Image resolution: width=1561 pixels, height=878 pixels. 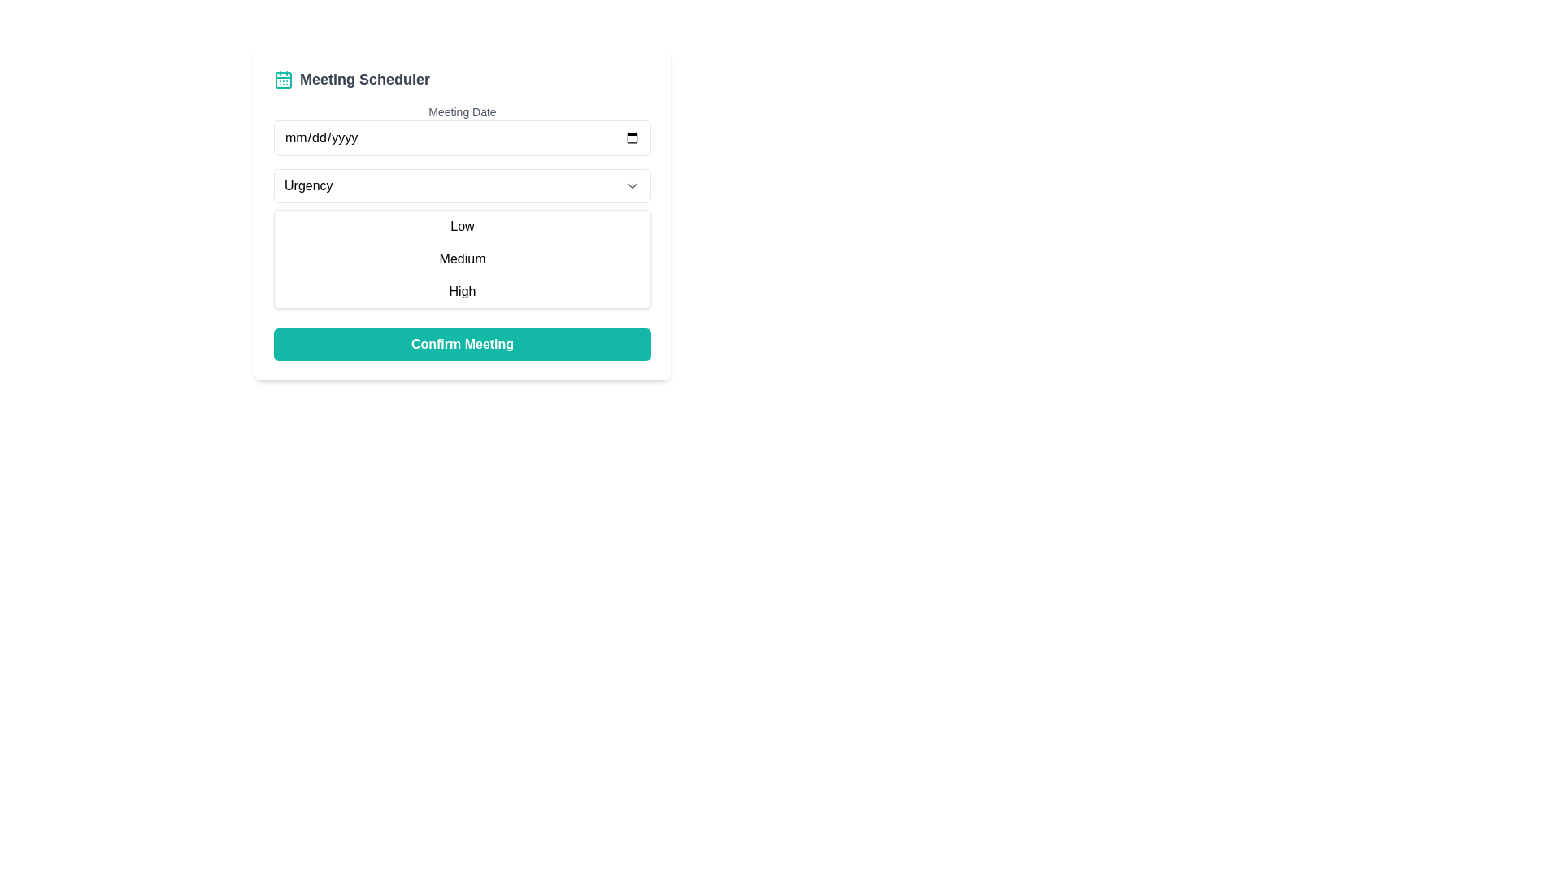 I want to click on the downward-pointing gray chevron icon located at the right end of the 'Urgency' dropdown interface, so click(x=631, y=185).